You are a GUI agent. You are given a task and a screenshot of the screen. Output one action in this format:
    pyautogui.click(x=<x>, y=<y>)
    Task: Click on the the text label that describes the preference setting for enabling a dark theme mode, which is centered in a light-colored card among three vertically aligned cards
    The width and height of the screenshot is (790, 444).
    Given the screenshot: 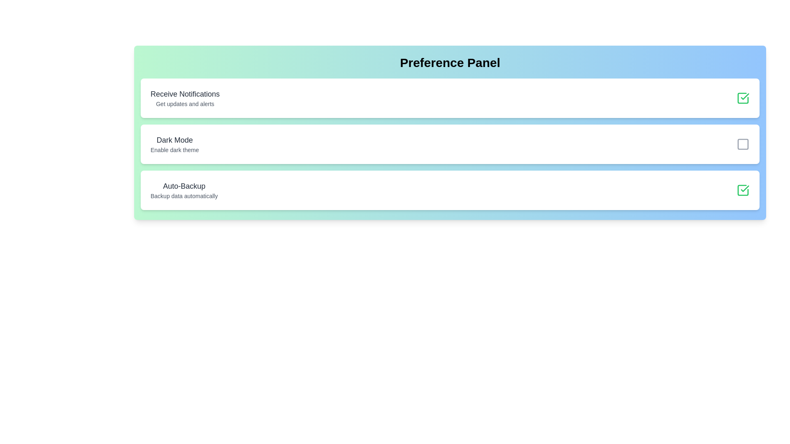 What is the action you would take?
    pyautogui.click(x=174, y=144)
    